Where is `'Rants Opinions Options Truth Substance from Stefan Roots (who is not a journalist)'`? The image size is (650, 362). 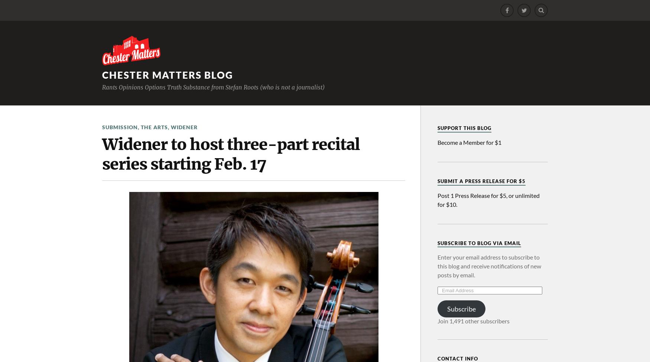
'Rants Opinions Options Truth Substance from Stefan Roots (who is not a journalist)' is located at coordinates (213, 87).